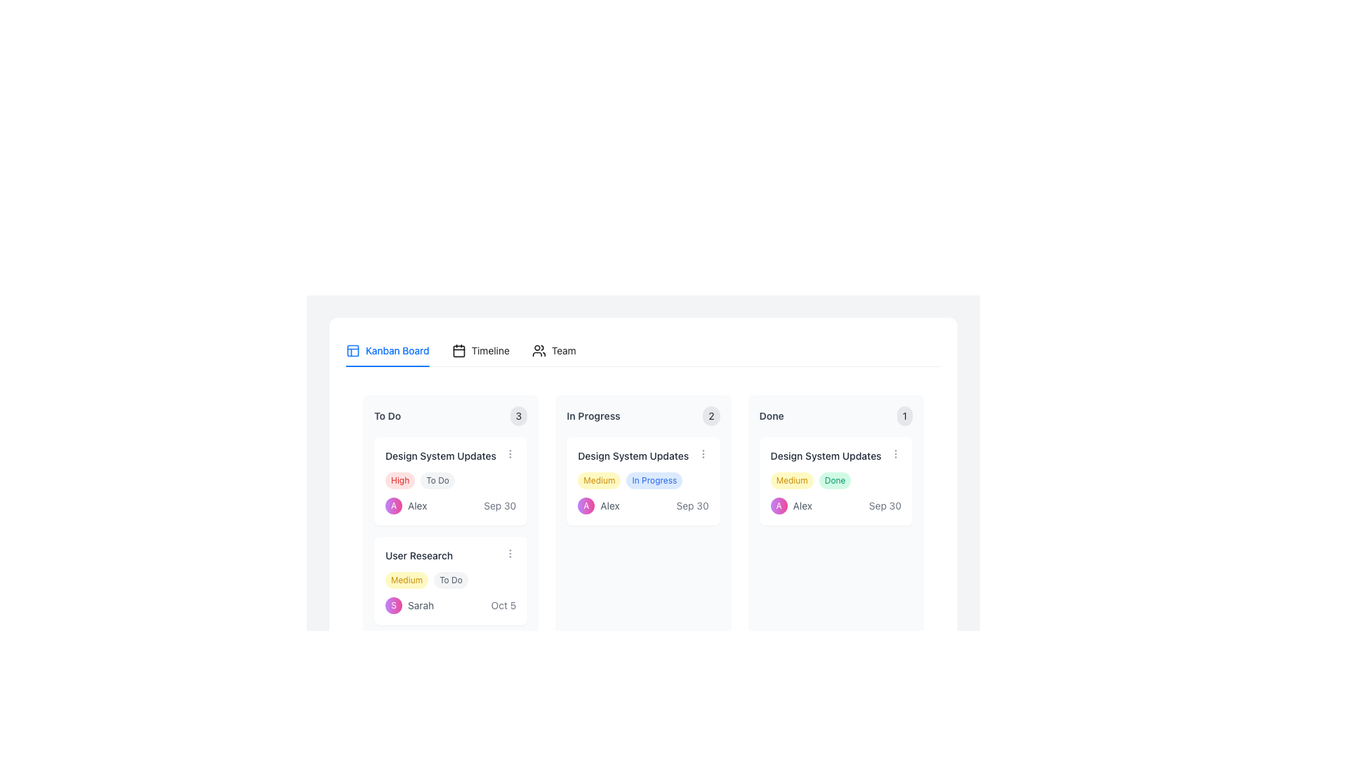 Image resolution: width=1348 pixels, height=758 pixels. Describe the element at coordinates (835, 456) in the screenshot. I see `the textual label that displays 'Design System Updates' located at the upper section of a card in the 'Done' column of a Kanban board layout` at that location.